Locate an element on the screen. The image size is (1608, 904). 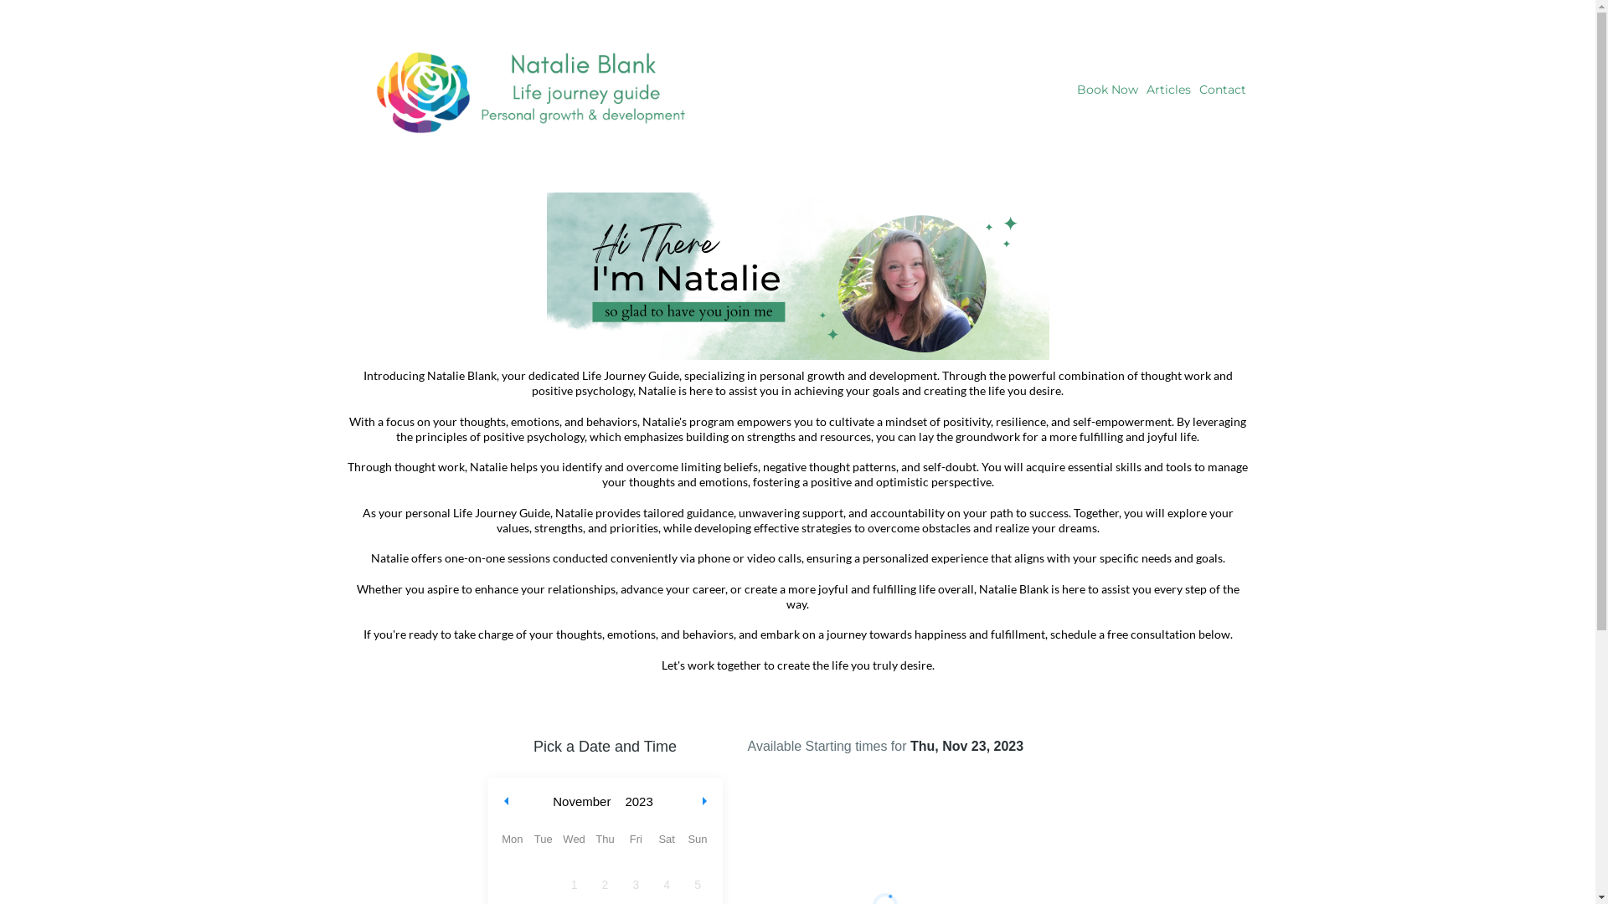
'Book Now' is located at coordinates (1072, 90).